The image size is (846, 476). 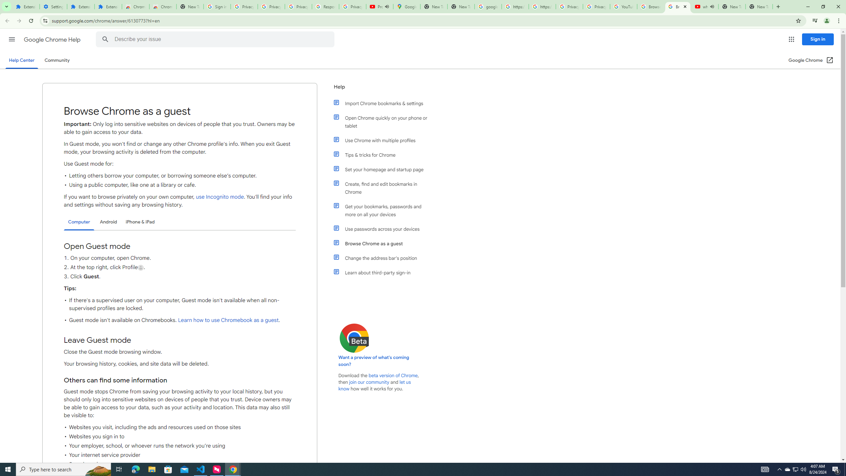 What do you see at coordinates (677, 6) in the screenshot?
I see `'Browse Chrome as a guest - Computer - Google Chrome Help'` at bounding box center [677, 6].